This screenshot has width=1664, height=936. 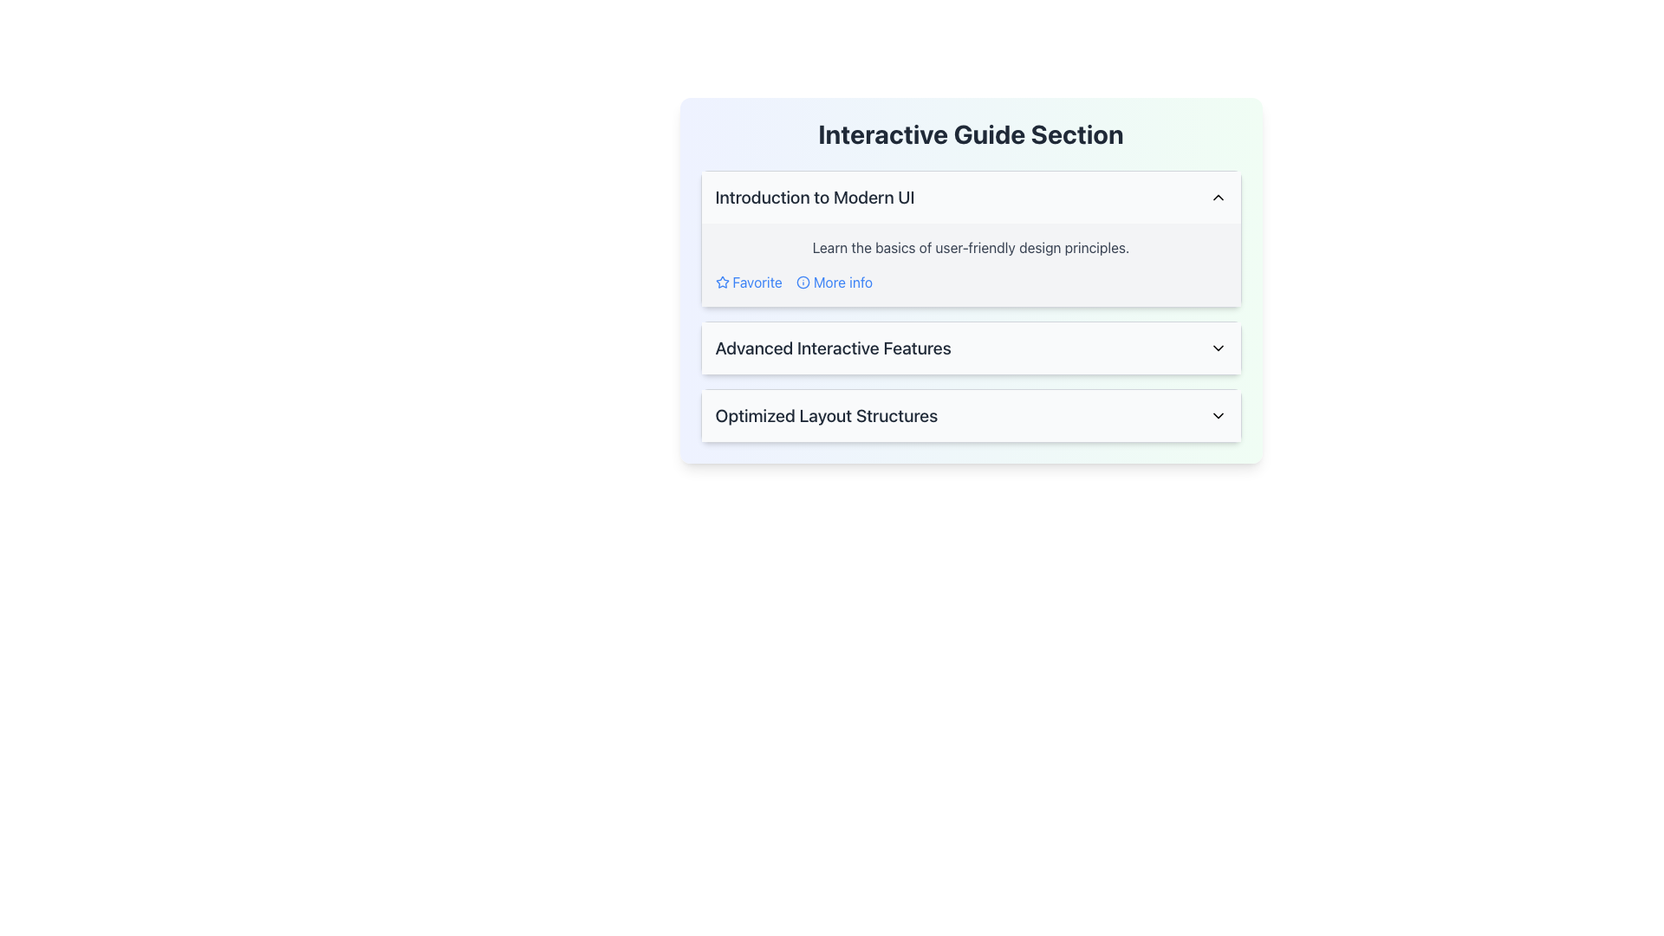 I want to click on the text label that says 'Introduction to Modern UI', which is styled with a larger bold font in dark gray color, located at the top left of the interface, representing an interactive section header, so click(x=814, y=196).